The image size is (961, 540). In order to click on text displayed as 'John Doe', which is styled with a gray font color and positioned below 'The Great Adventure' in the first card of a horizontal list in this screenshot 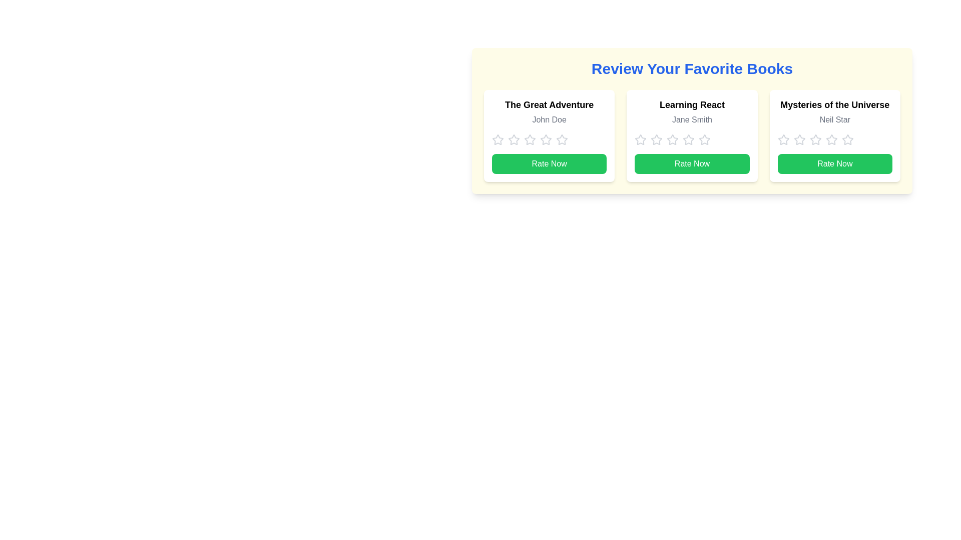, I will do `click(549, 119)`.